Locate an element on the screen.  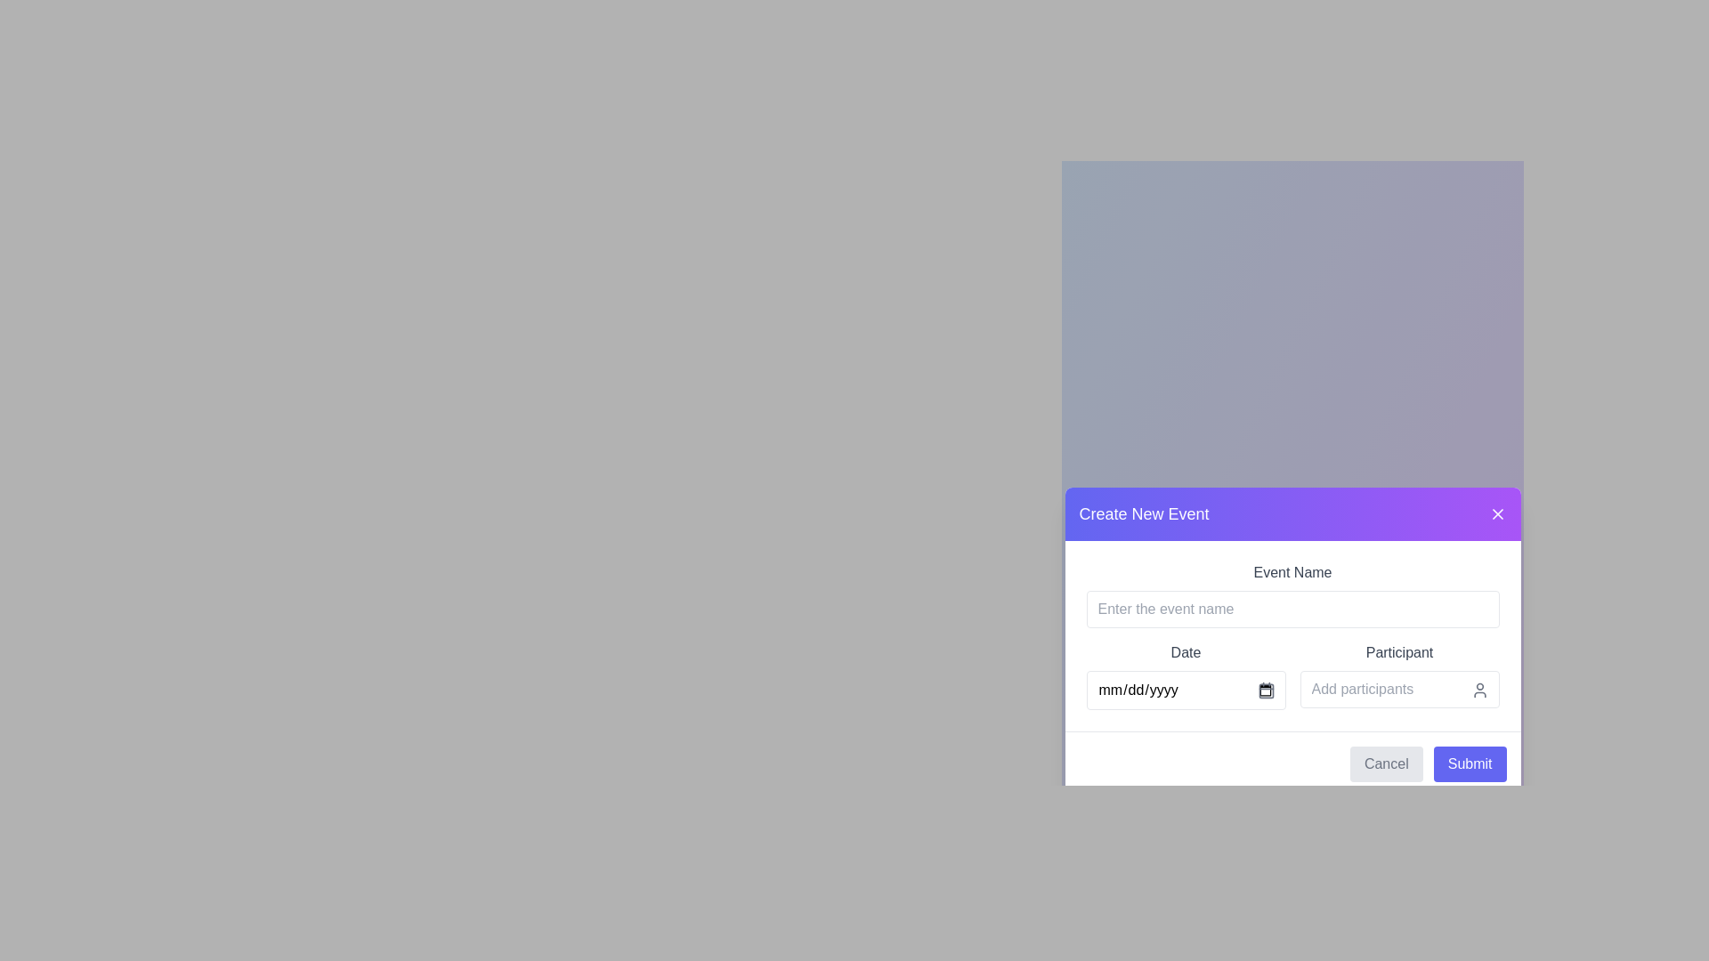
the text block labeled 'Create New Event' which is styled in bold white font on a gradient purple background, located at the top-left corner of the modal header is located at coordinates (1144, 513).